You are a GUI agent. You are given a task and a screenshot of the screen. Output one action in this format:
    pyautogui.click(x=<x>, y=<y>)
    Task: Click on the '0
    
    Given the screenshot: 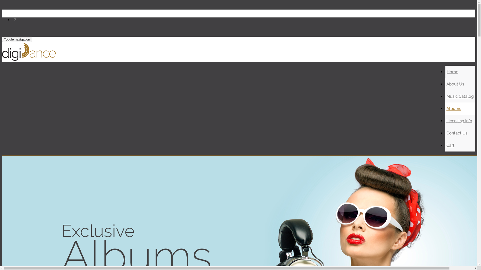 What is the action you would take?
    pyautogui.click(x=15, y=25)
    